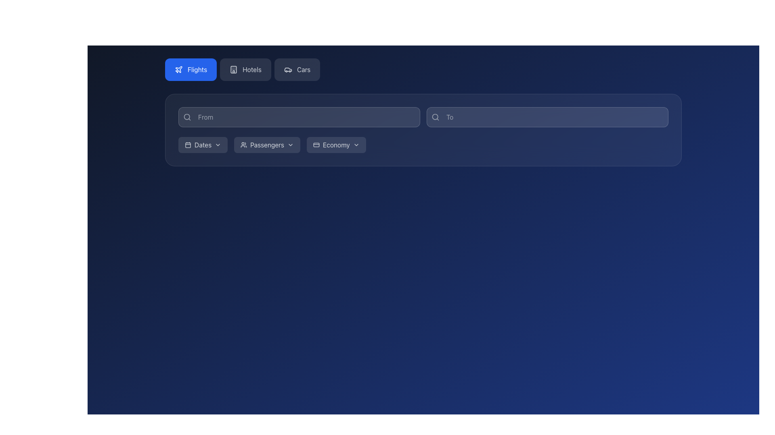  Describe the element at coordinates (316, 144) in the screenshot. I see `the SVG icon resembling a credit card, which is located within the 'Economy' button in the row of search filters` at that location.